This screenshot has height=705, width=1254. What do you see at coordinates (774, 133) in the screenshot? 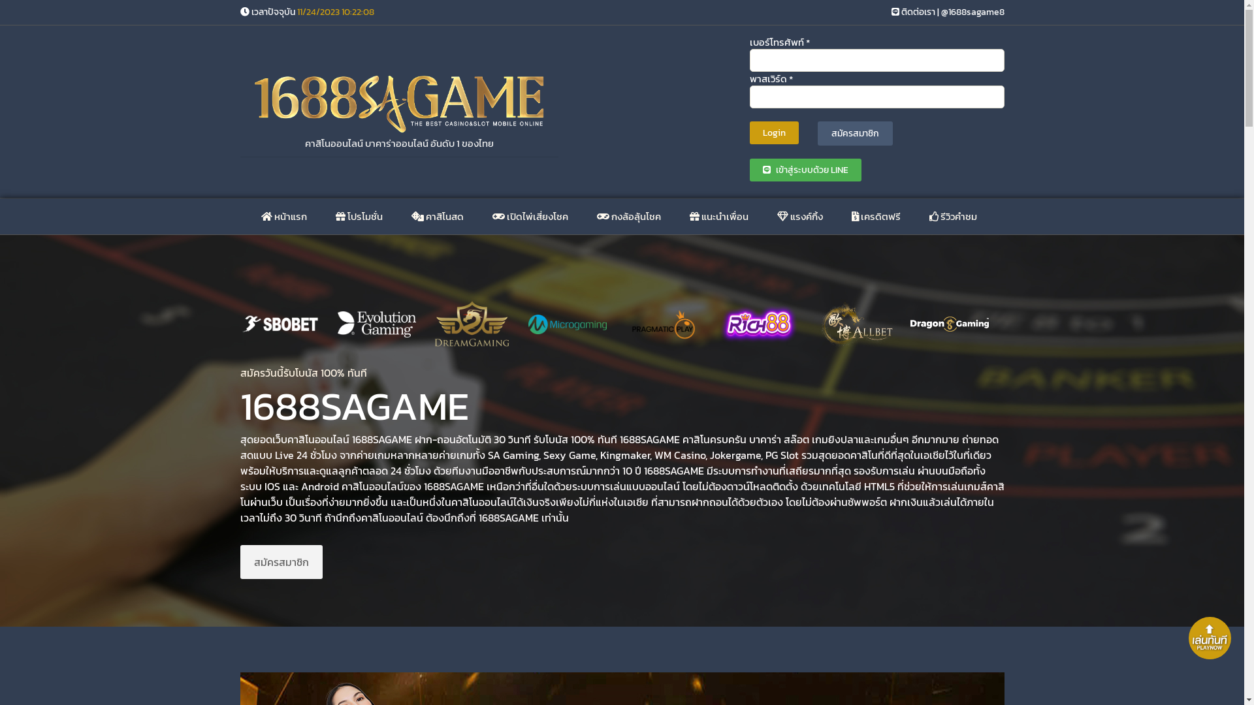
I see `'Login'` at bounding box center [774, 133].